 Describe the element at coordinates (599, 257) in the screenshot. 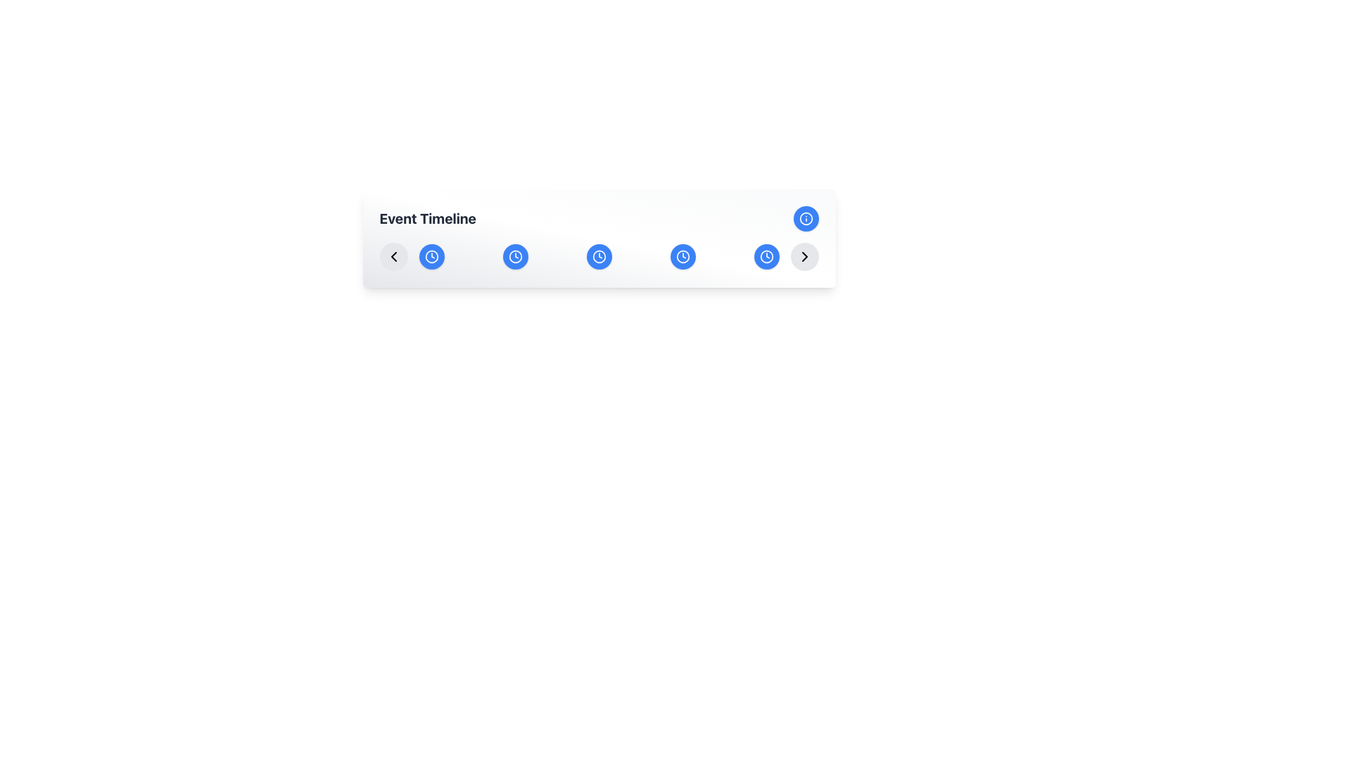

I see `the third blue interactive icon in the timeline` at that location.